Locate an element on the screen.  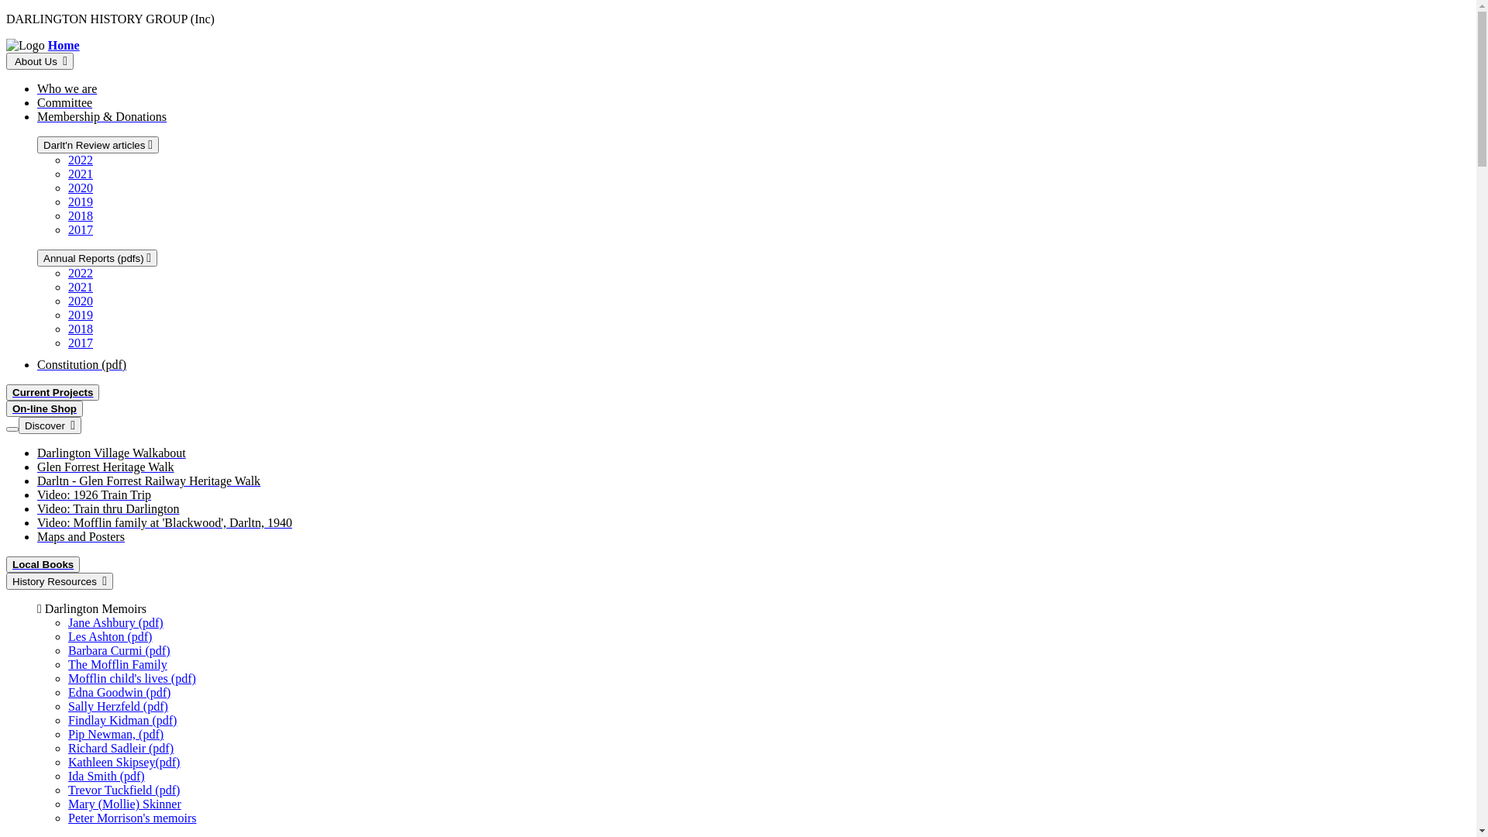
'2021' is located at coordinates (80, 174).